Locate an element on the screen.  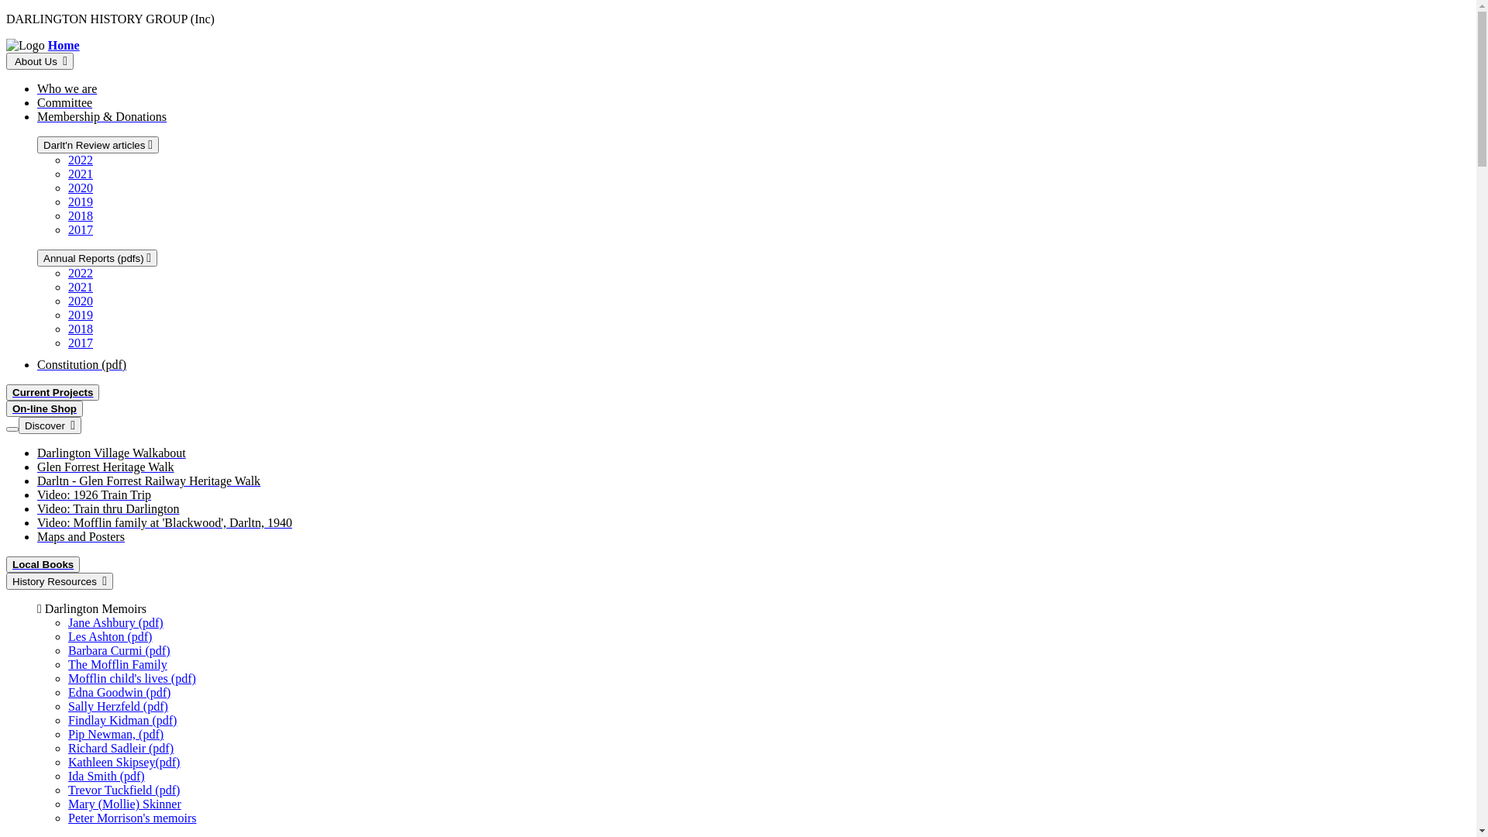
'2021' is located at coordinates (80, 174).